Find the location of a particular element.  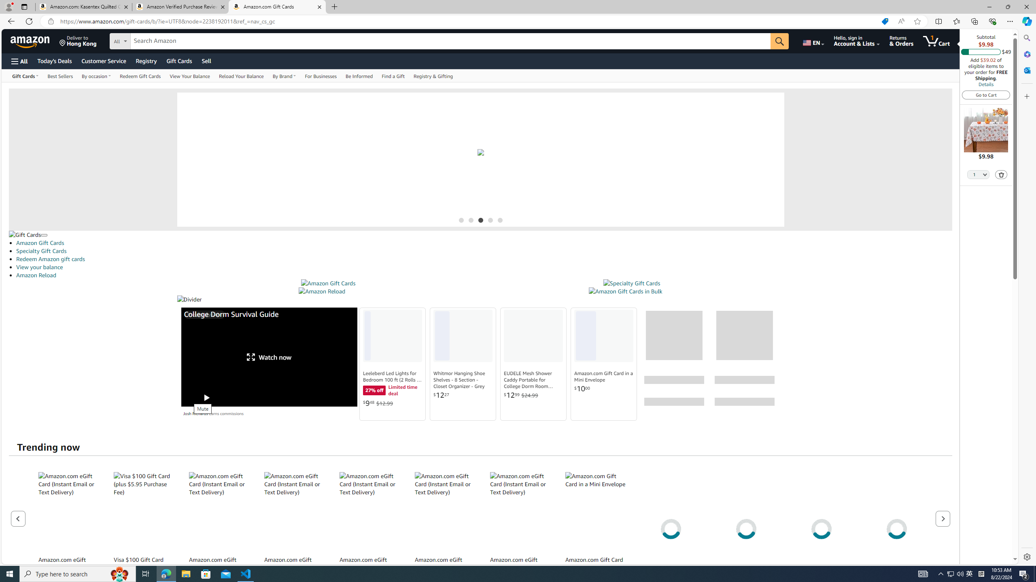

'Specialty Gift Cards' is located at coordinates (632, 283).